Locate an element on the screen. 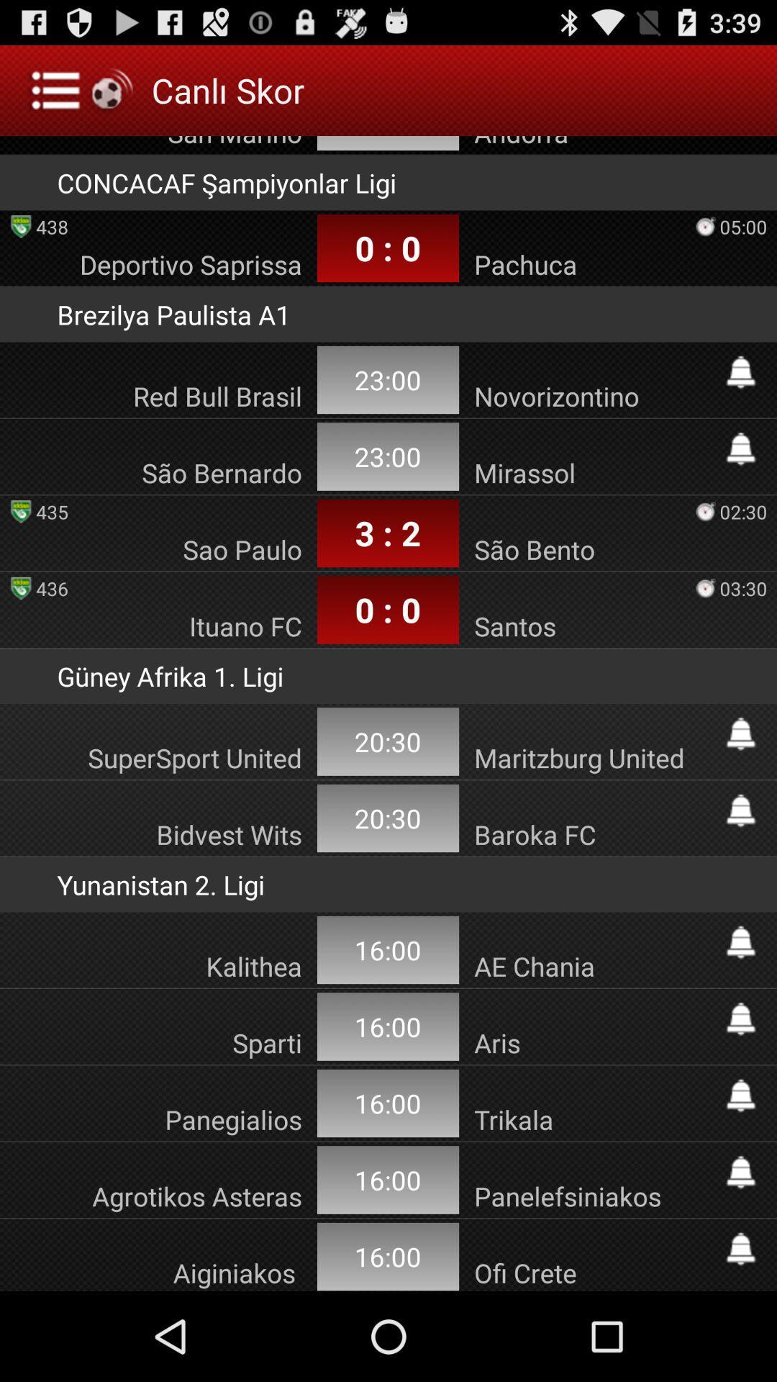 Image resolution: width=777 pixels, height=1382 pixels. set alarm is located at coordinates (740, 810).